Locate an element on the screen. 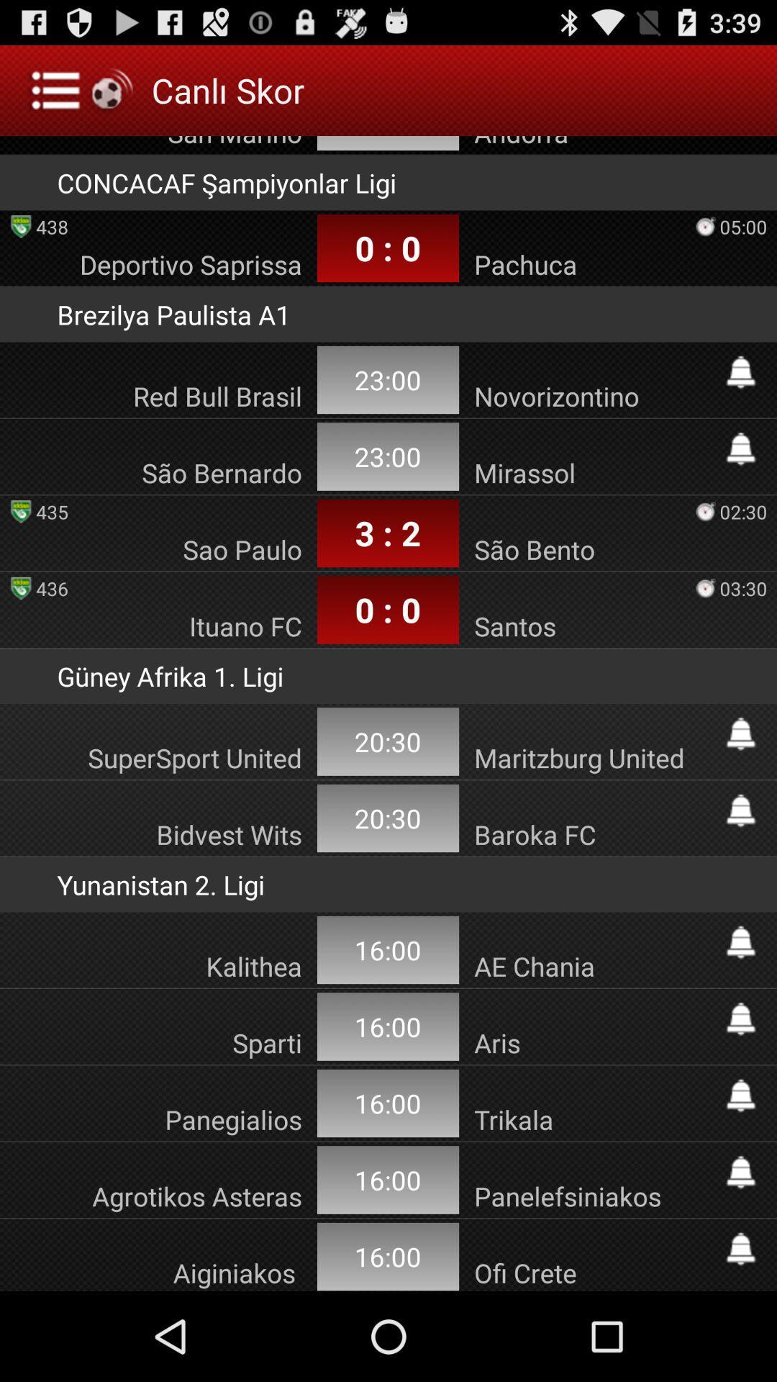 Image resolution: width=777 pixels, height=1382 pixels. set alarm is located at coordinates (740, 810).